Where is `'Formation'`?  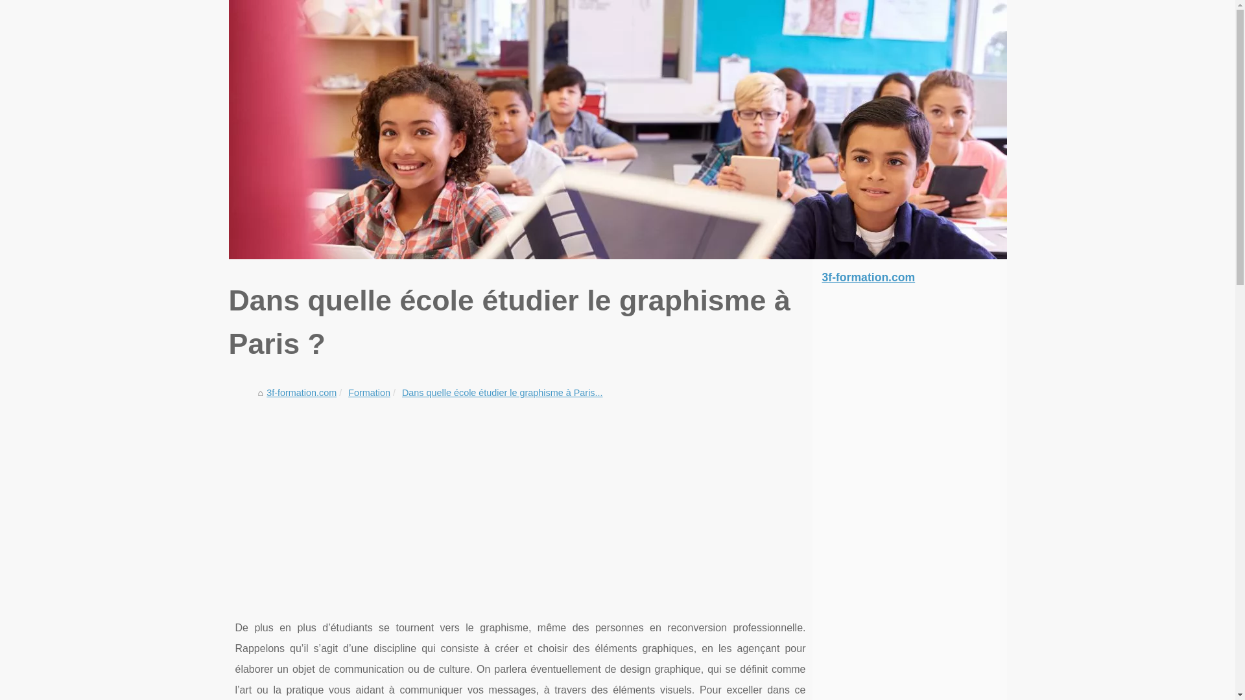
'Formation' is located at coordinates (368, 391).